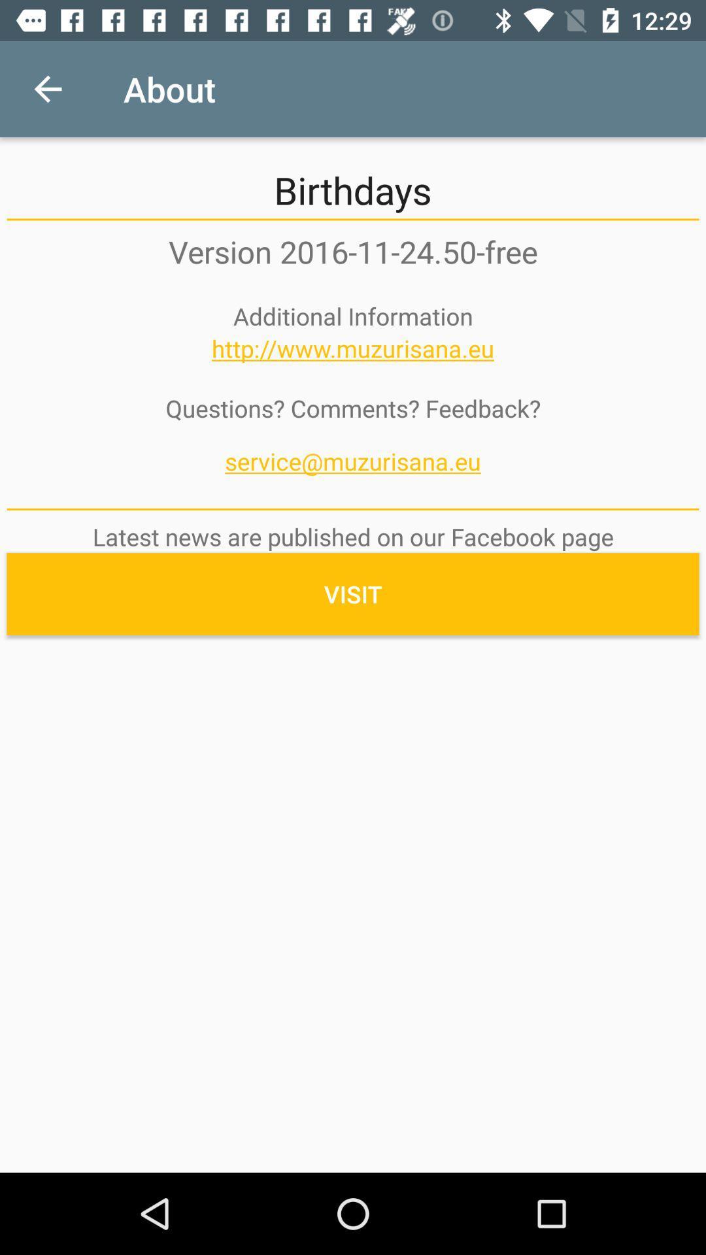 This screenshot has width=706, height=1255. Describe the element at coordinates (353, 593) in the screenshot. I see `the icon below the latest news are` at that location.